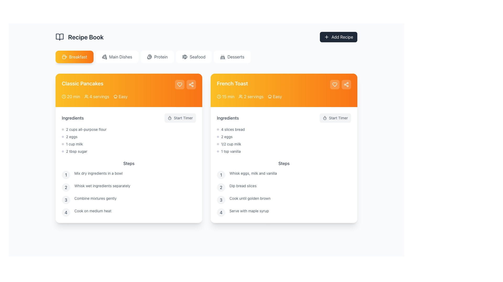 The height and width of the screenshot is (282, 503). I want to click on the 'Protein' navigation button located in the horizontal navigation bar, which is the third element from the left, to activate its hover effects, so click(157, 57).